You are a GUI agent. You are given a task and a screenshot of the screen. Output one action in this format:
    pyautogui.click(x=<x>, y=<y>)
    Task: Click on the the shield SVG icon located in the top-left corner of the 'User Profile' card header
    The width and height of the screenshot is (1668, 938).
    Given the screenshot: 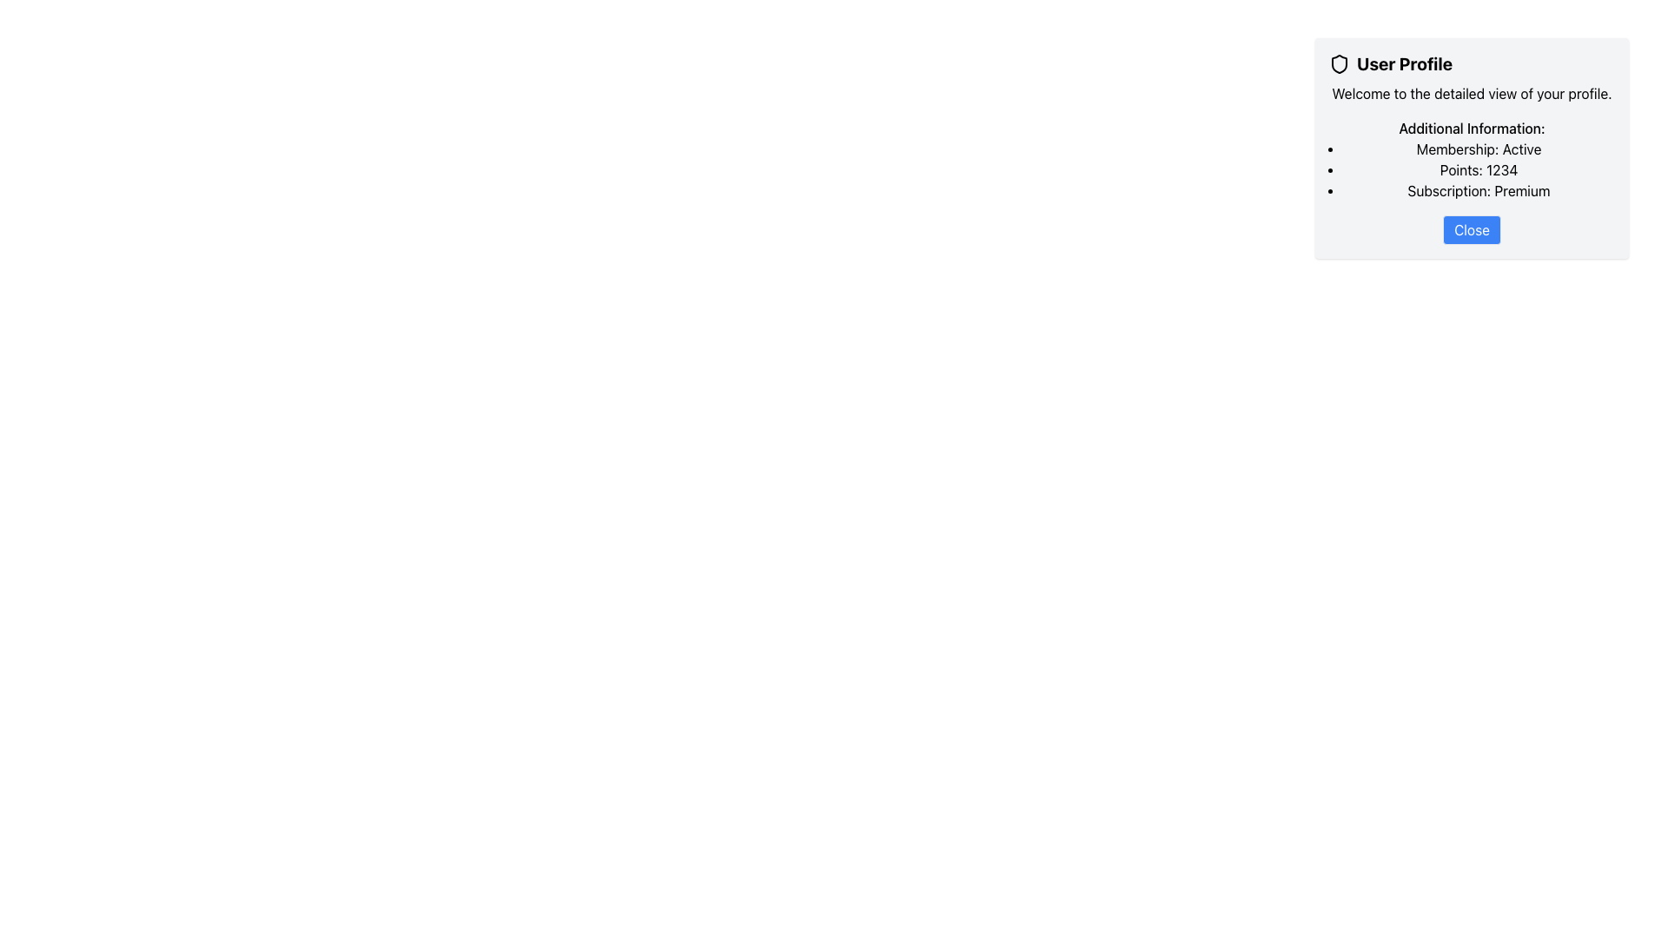 What is the action you would take?
    pyautogui.click(x=1338, y=63)
    